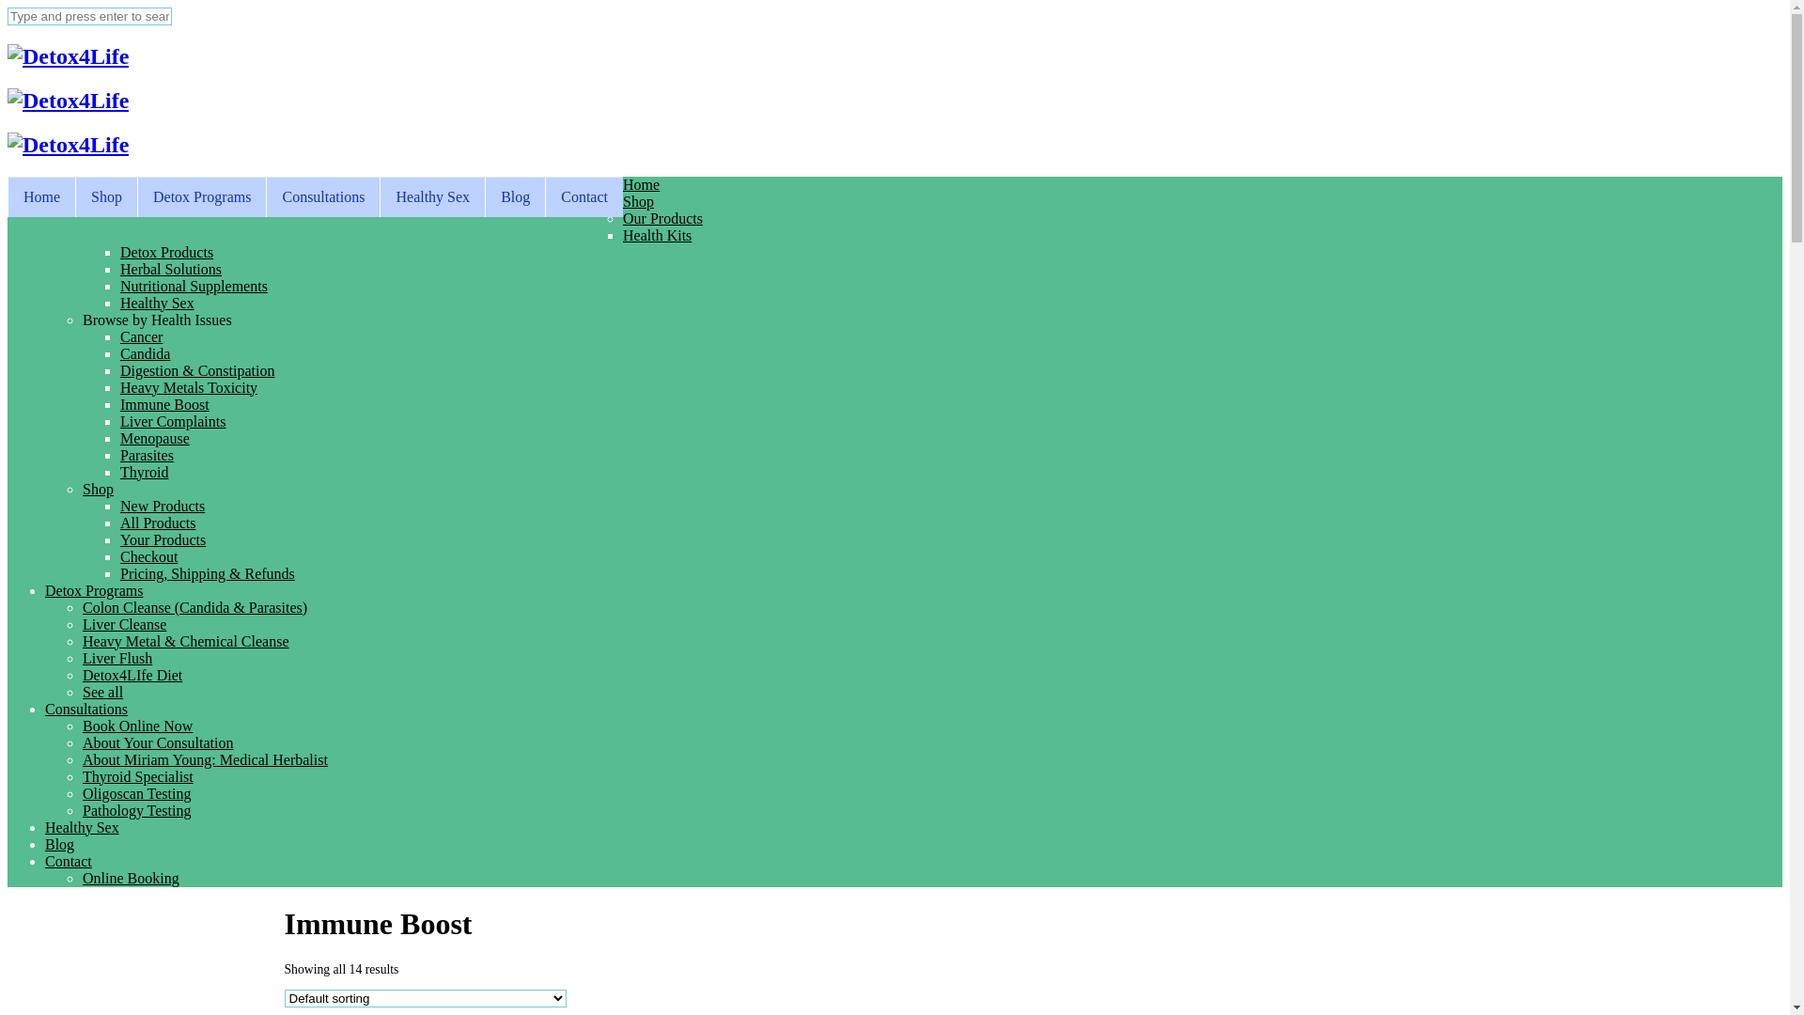 This screenshot has height=1015, width=1804. What do you see at coordinates (81, 878) in the screenshot?
I see `'Online Booking'` at bounding box center [81, 878].